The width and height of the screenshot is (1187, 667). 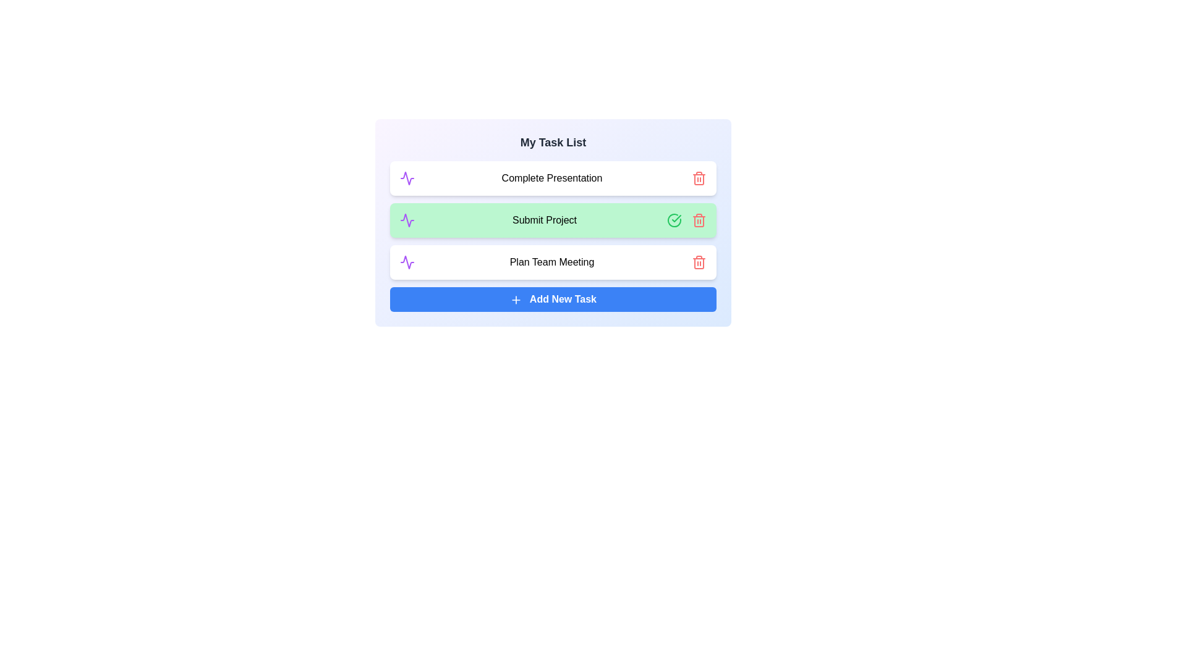 What do you see at coordinates (699, 261) in the screenshot?
I see `the trash icon next to the task named Plan Team Meeting to delete it` at bounding box center [699, 261].